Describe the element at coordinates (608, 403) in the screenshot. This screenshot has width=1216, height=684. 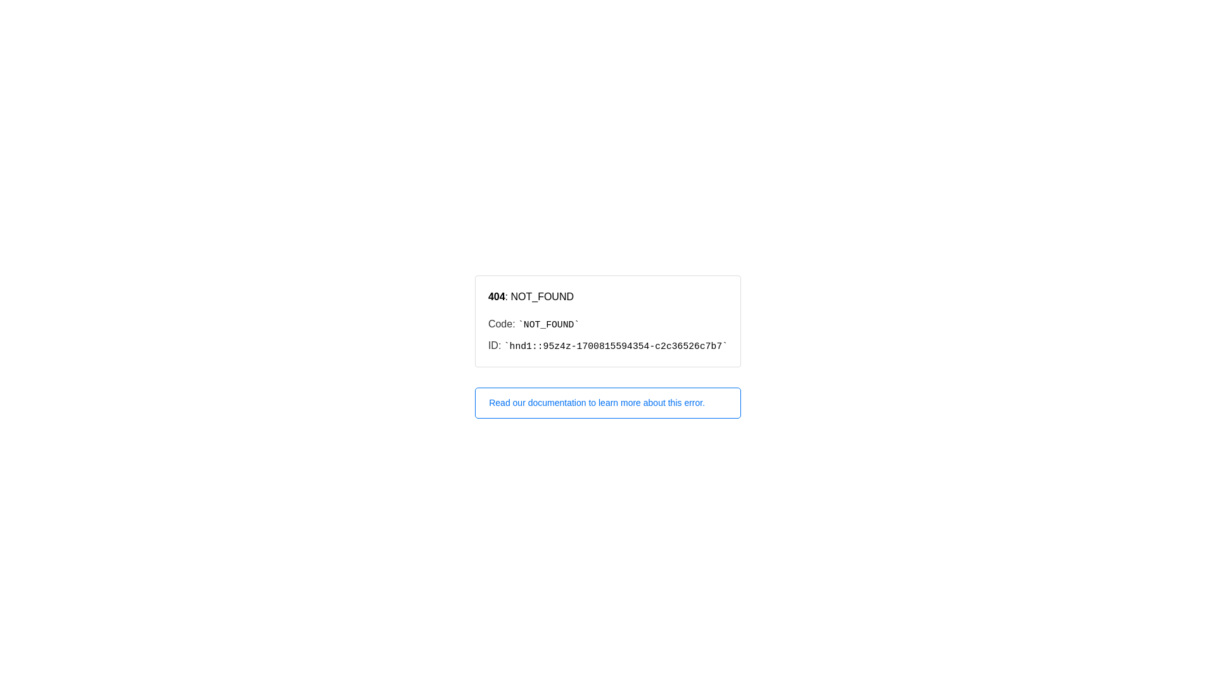
I see `'Read our documentation to learn more about this error.'` at that location.